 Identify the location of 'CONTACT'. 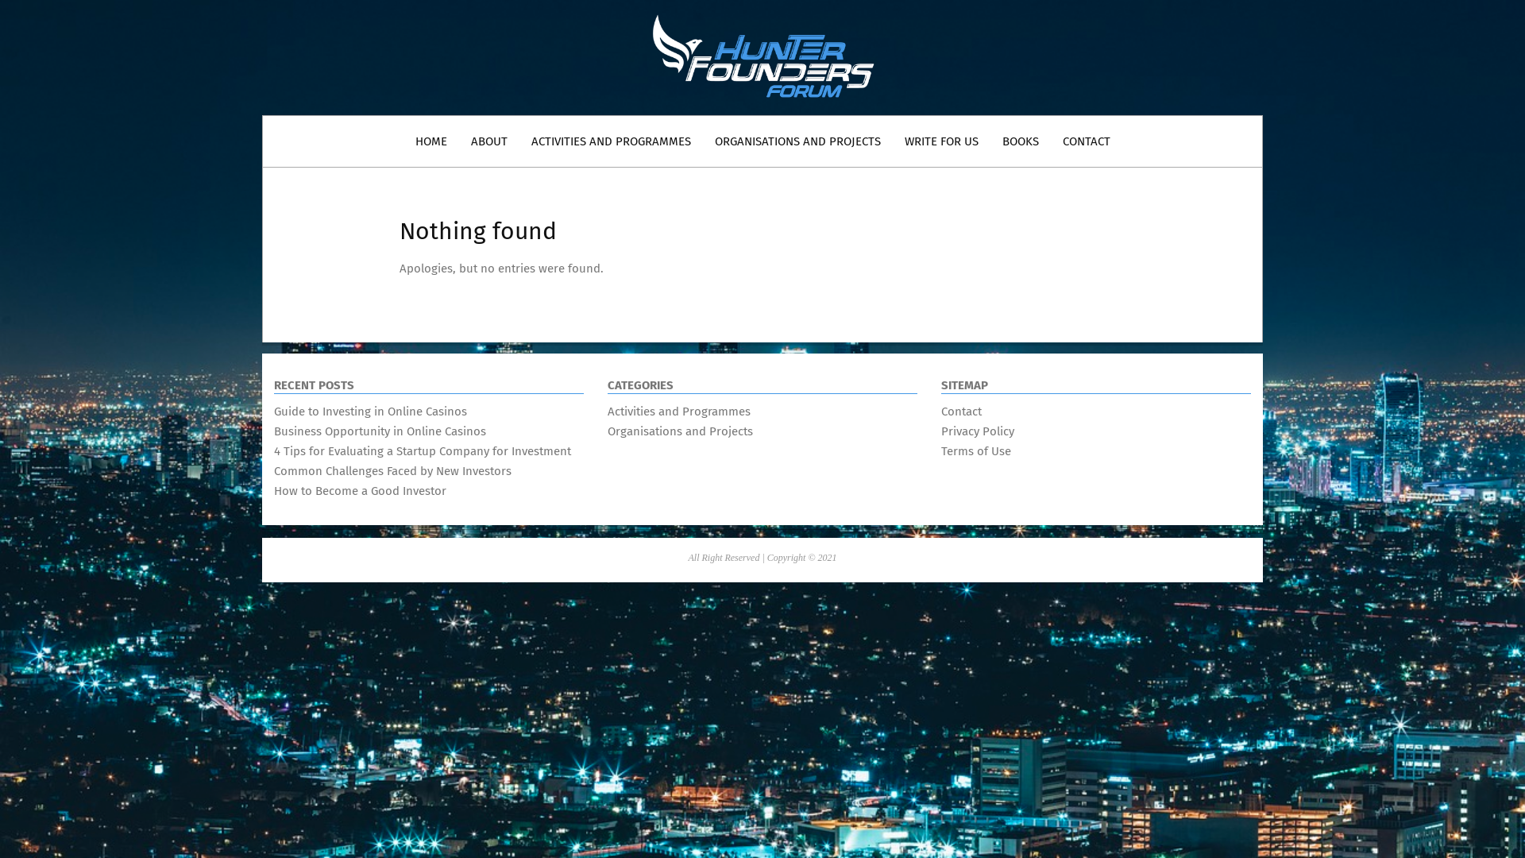
(1085, 140).